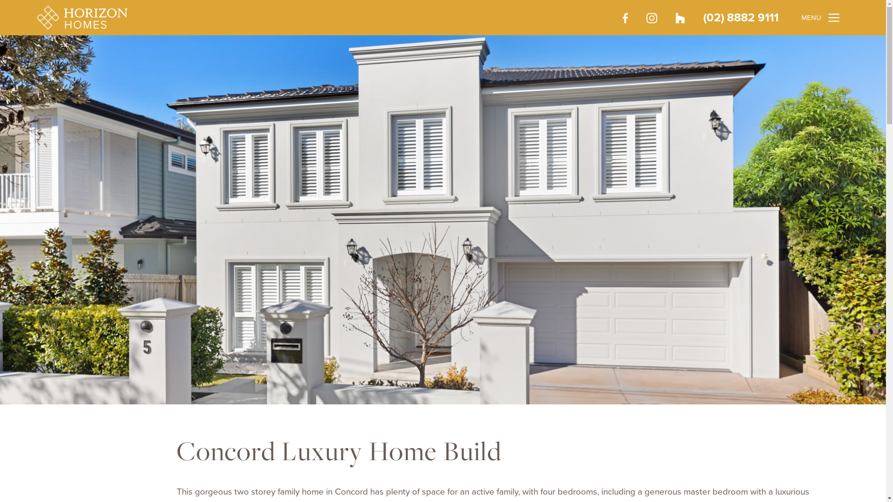 The width and height of the screenshot is (893, 502). What do you see at coordinates (625, 18) in the screenshot?
I see `'Facebook'` at bounding box center [625, 18].